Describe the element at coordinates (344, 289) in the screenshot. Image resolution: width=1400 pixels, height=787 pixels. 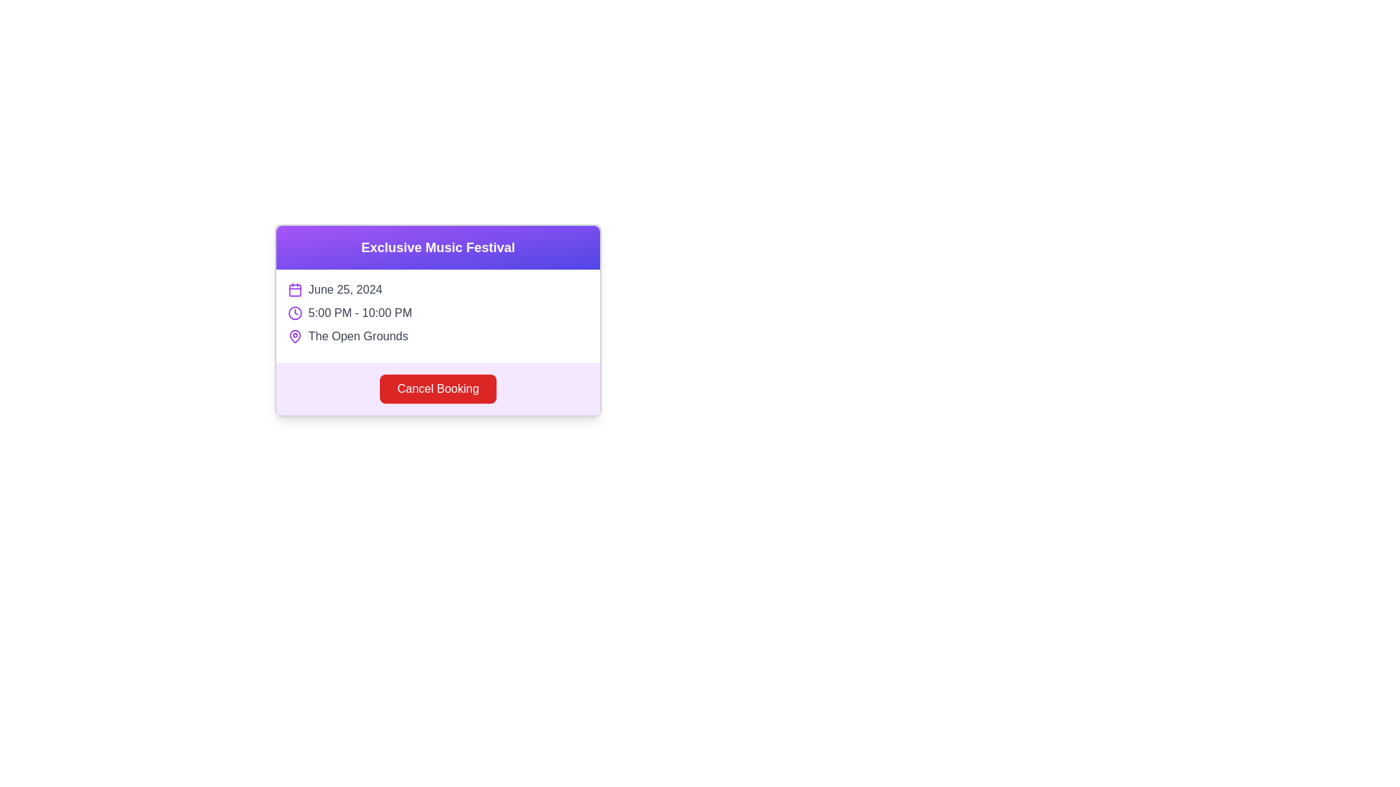
I see `the static text element that displays 'June 25, 2024' in gray font, which is aligned with the title 'Exclusive Music Festival' and located to the right of a calendar icon` at that location.